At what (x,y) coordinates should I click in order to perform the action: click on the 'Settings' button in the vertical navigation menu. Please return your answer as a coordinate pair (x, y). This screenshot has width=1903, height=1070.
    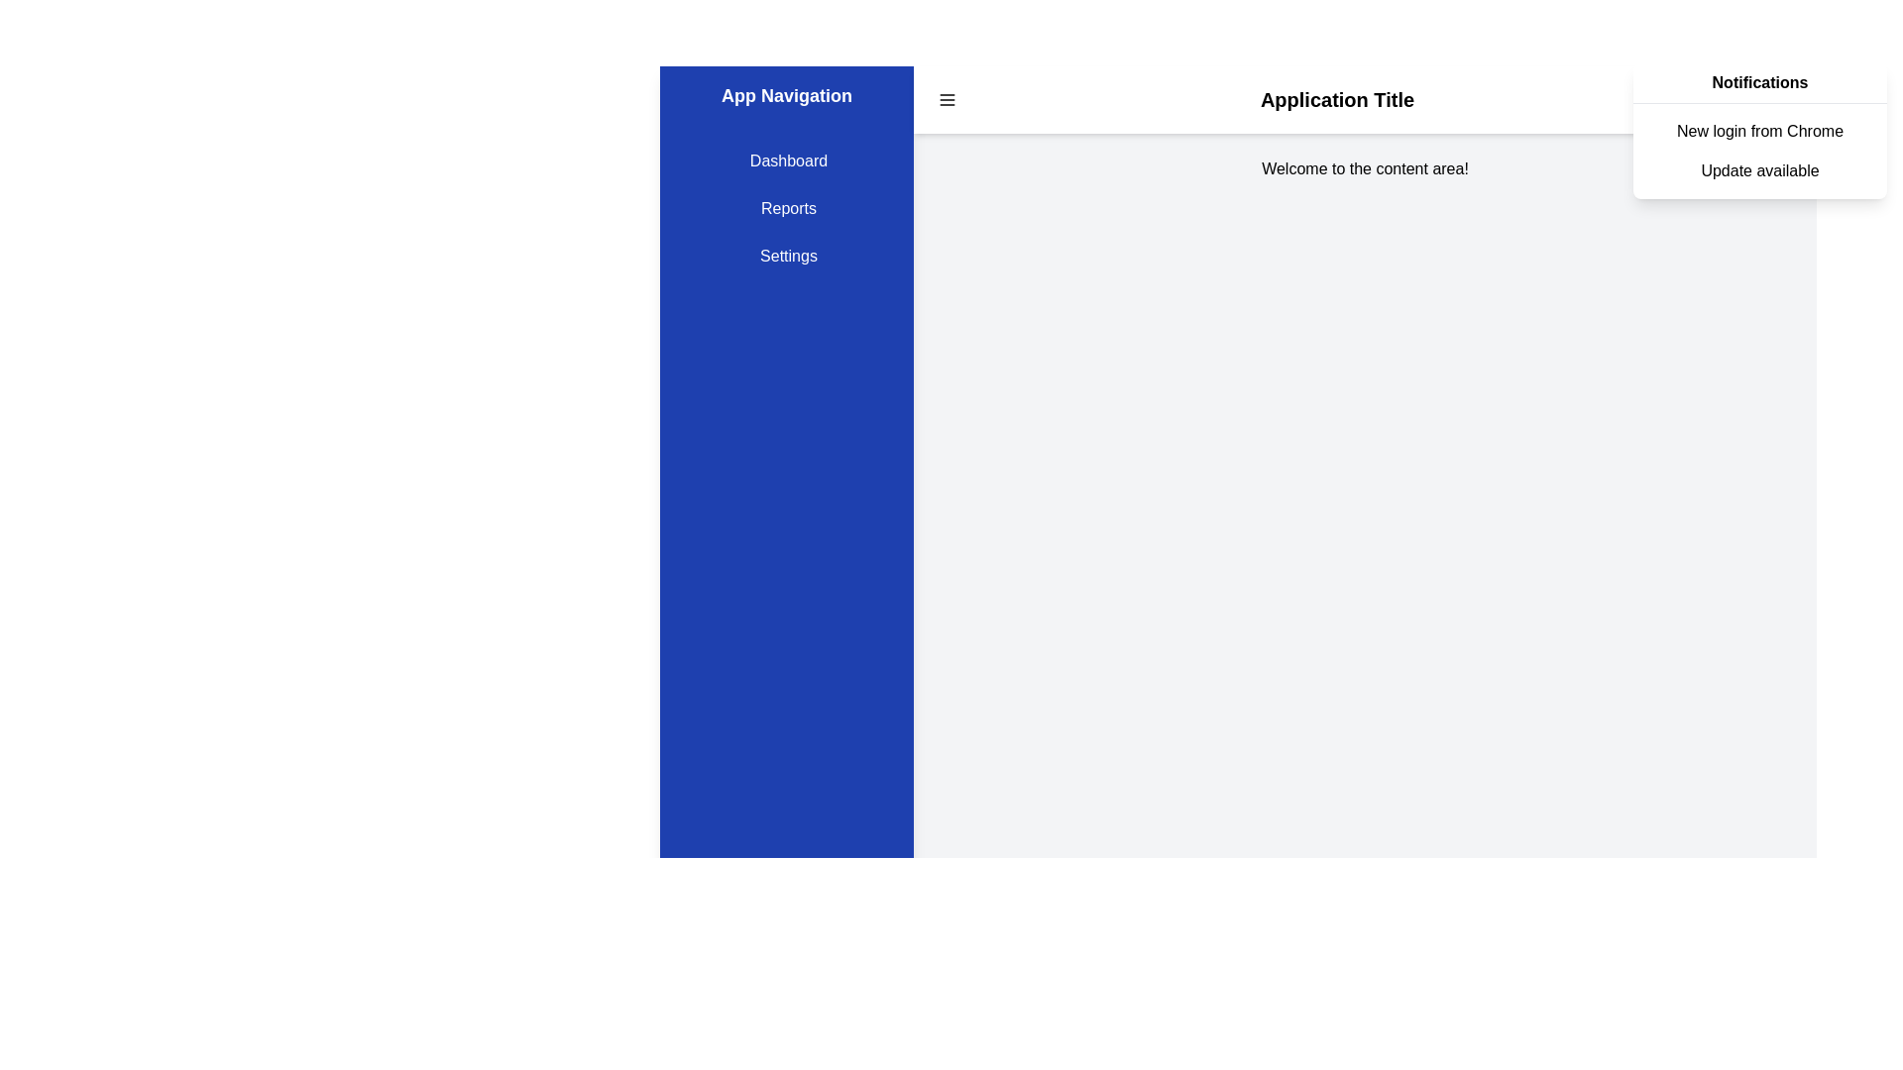
    Looking at the image, I should click on (785, 255).